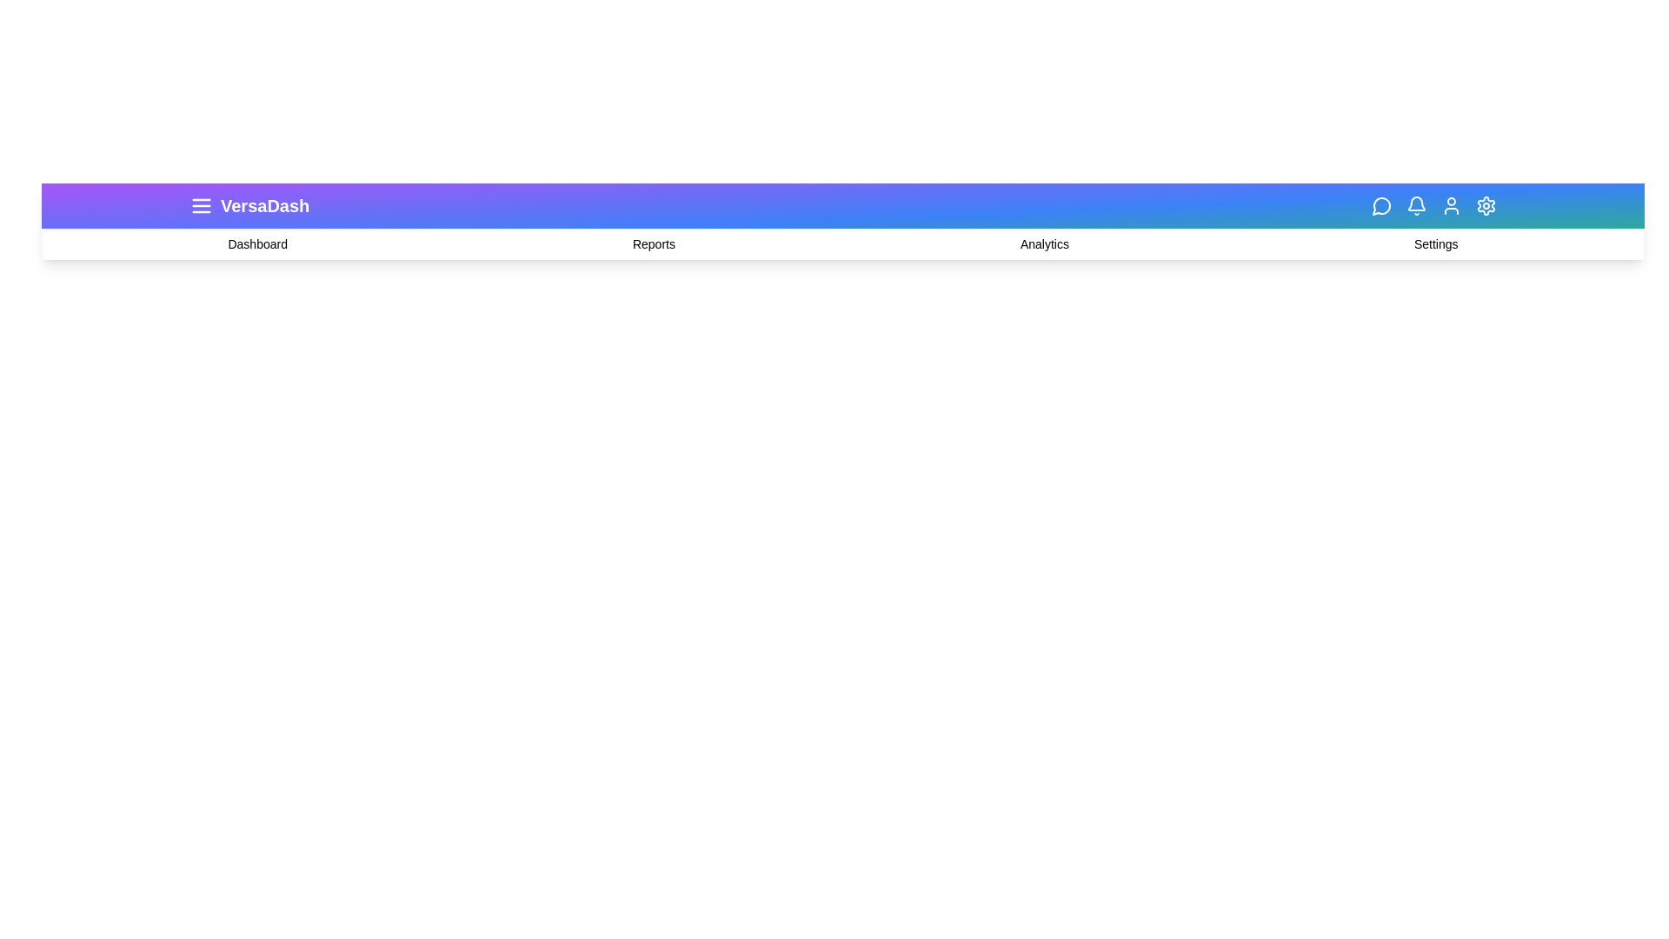 This screenshot has width=1669, height=939. Describe the element at coordinates (1452, 204) in the screenshot. I see `the 'User' icon to interact with it` at that location.